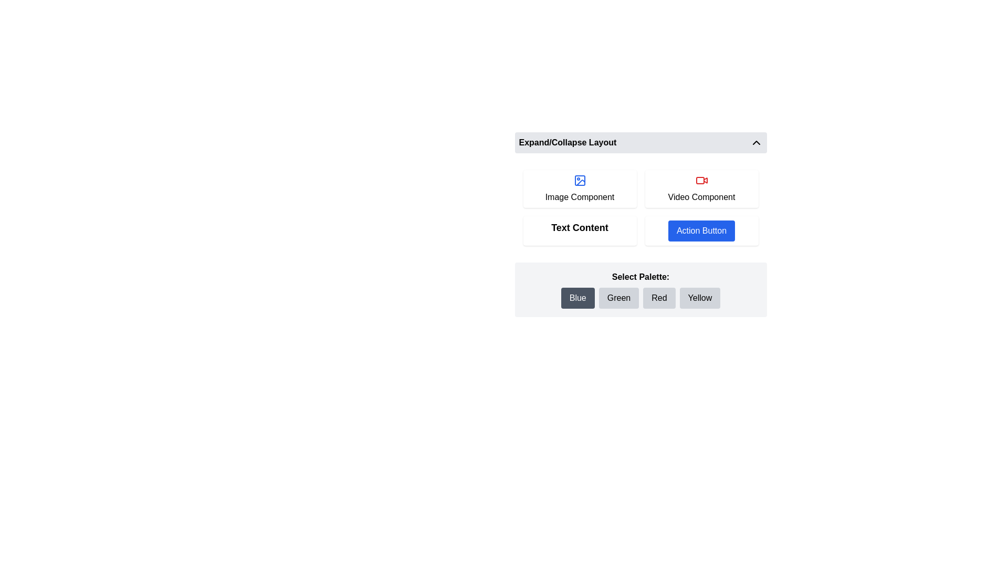 The width and height of the screenshot is (1008, 567). I want to click on the card labeled 'Image Component' which has a picture frame icon with a blue outline and is the first element in a grid layout, so click(579, 188).